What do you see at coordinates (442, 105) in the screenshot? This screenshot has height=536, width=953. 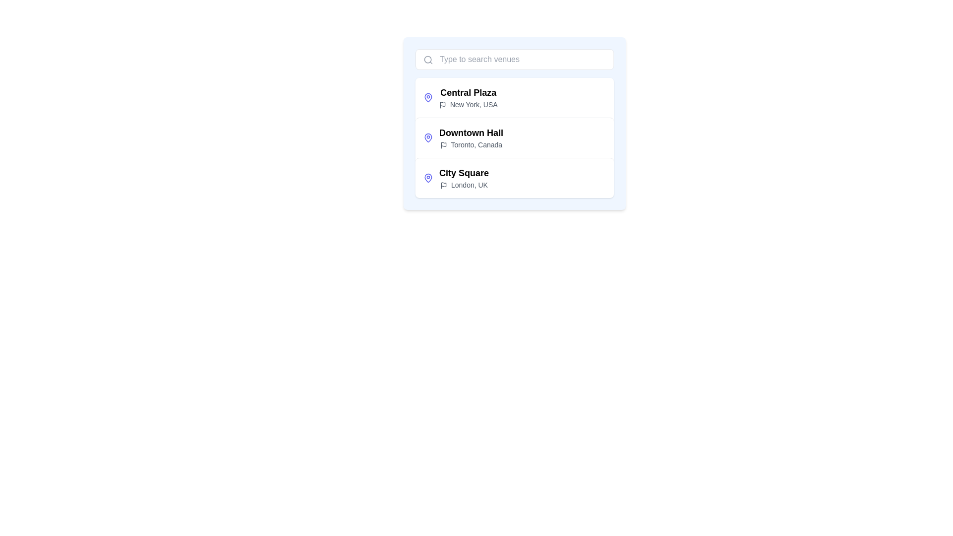 I see `the small flag icon located to the left of the text 'New York, USA' under the 'Central Plaza' heading` at bounding box center [442, 105].